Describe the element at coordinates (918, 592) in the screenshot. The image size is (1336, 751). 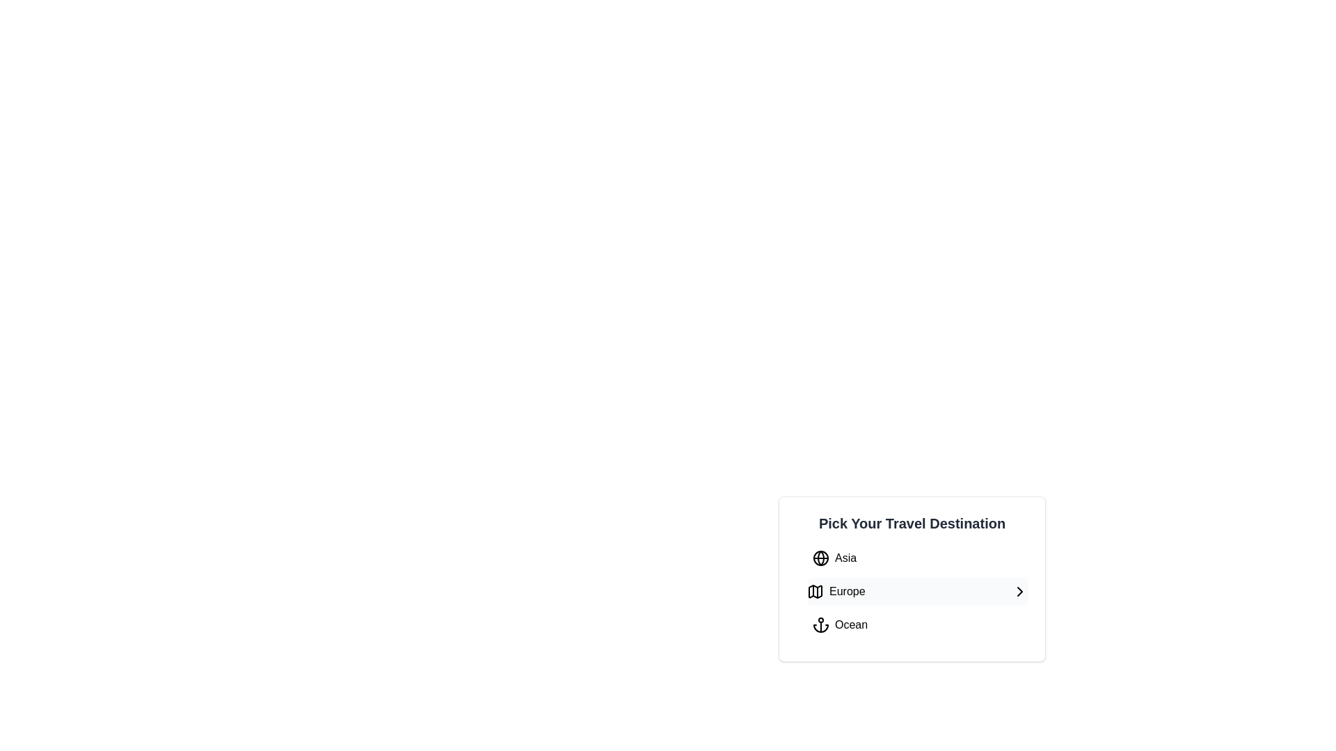
I see `the second item in the travel destination selection menu` at that location.